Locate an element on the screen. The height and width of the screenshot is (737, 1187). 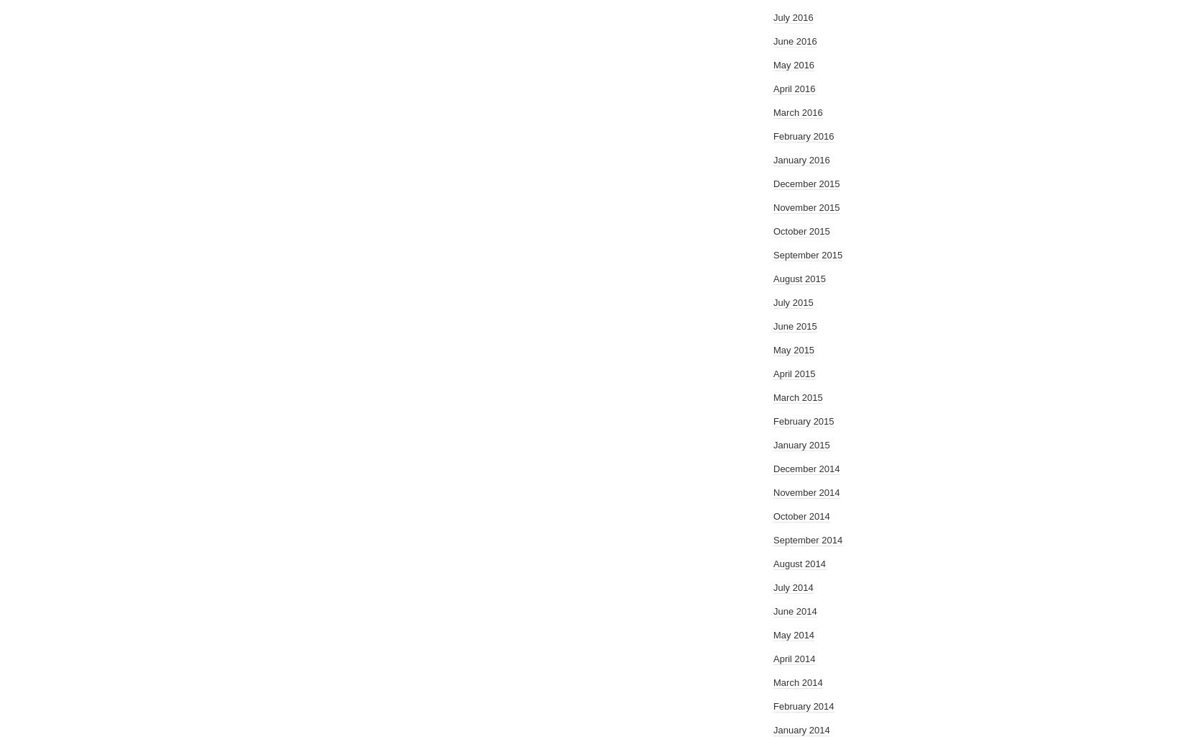
'April 2015' is located at coordinates (794, 374).